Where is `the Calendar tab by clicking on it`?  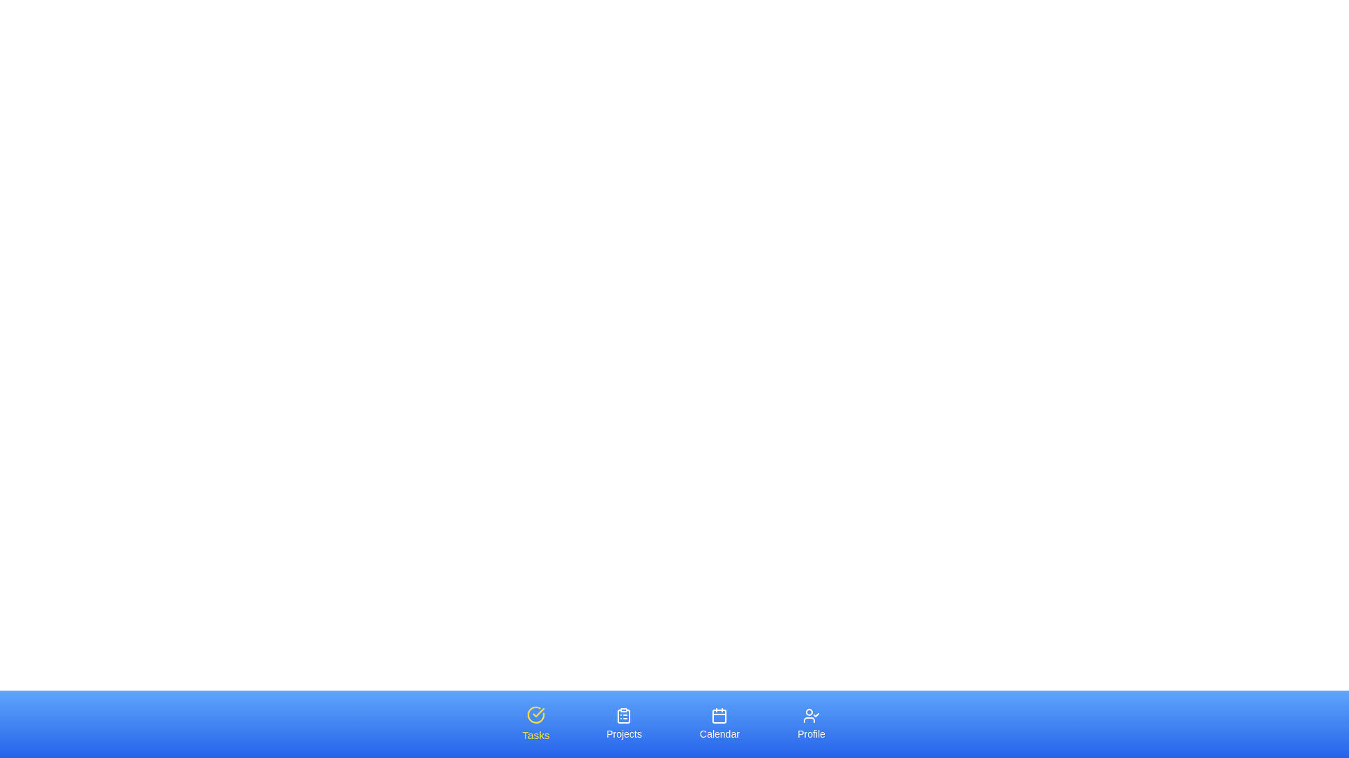
the Calendar tab by clicking on it is located at coordinates (719, 724).